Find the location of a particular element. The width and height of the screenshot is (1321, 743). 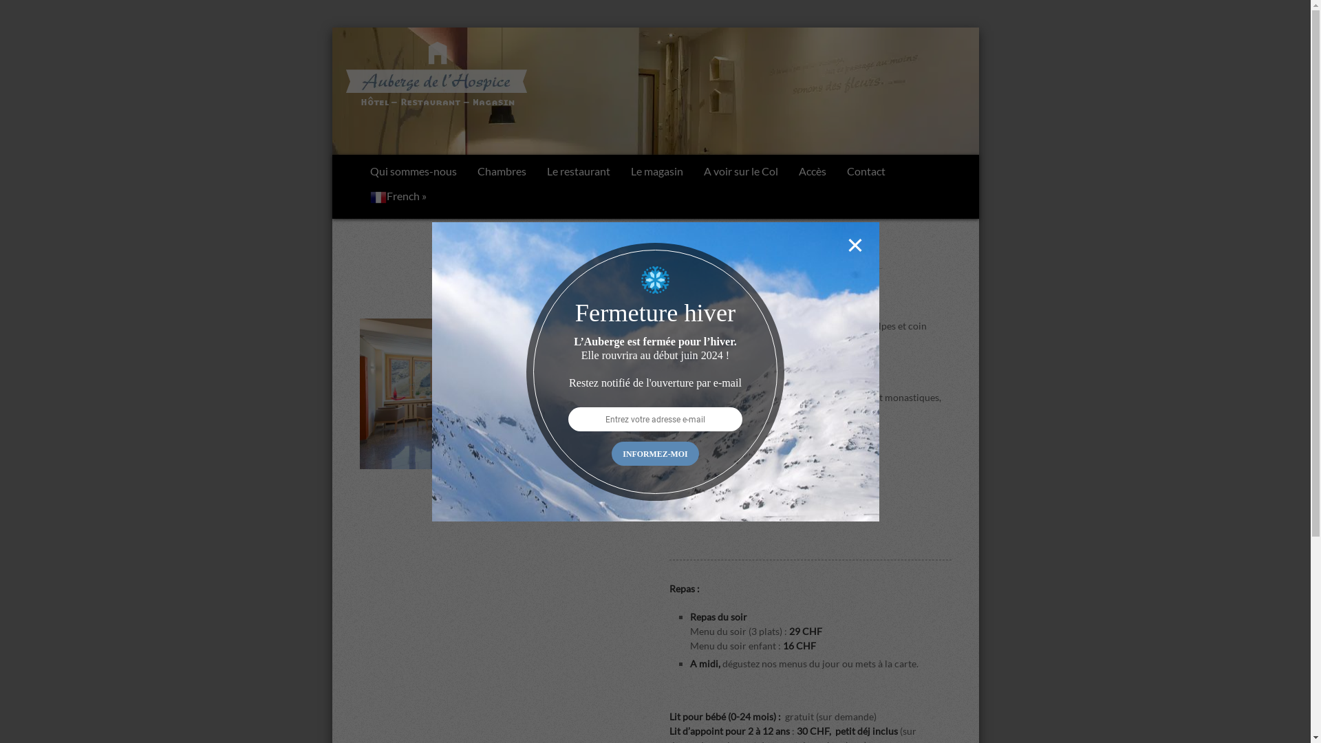

'Contact' is located at coordinates (865, 171).